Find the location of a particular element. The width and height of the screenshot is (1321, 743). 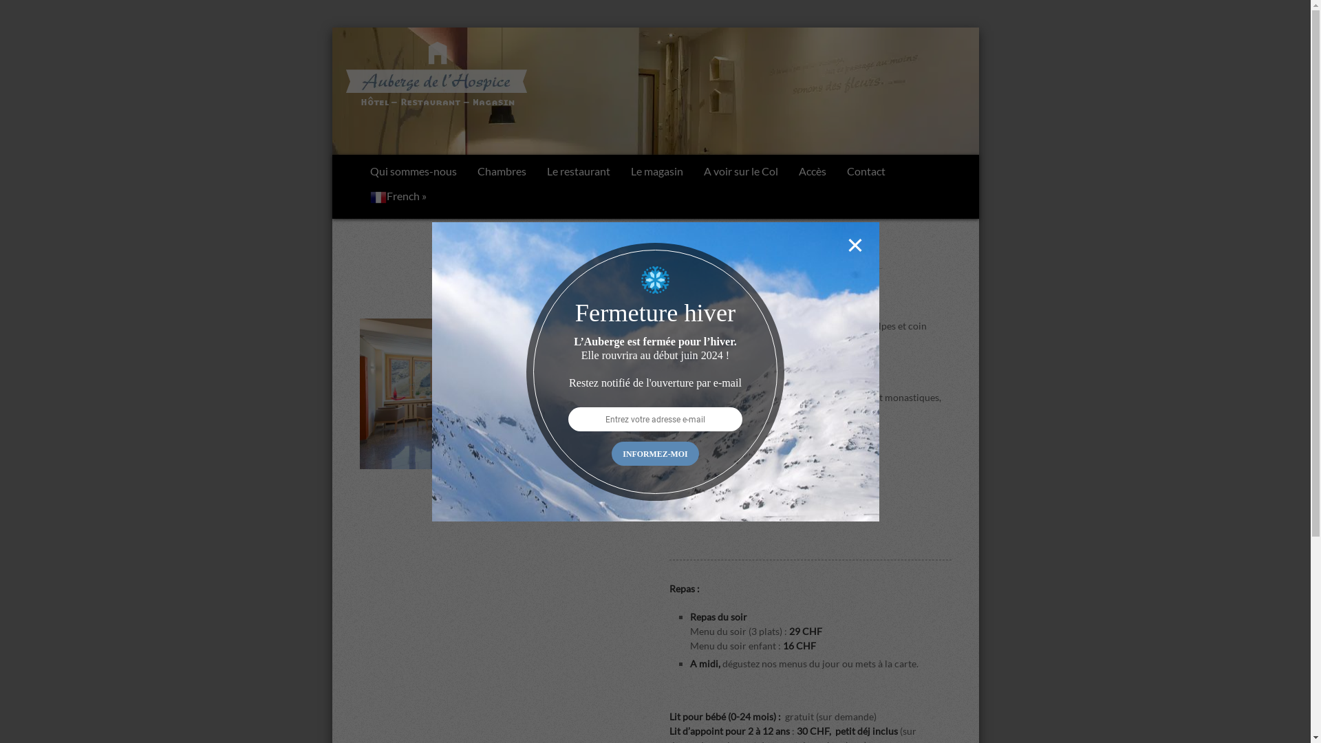

'Contact' is located at coordinates (865, 171).